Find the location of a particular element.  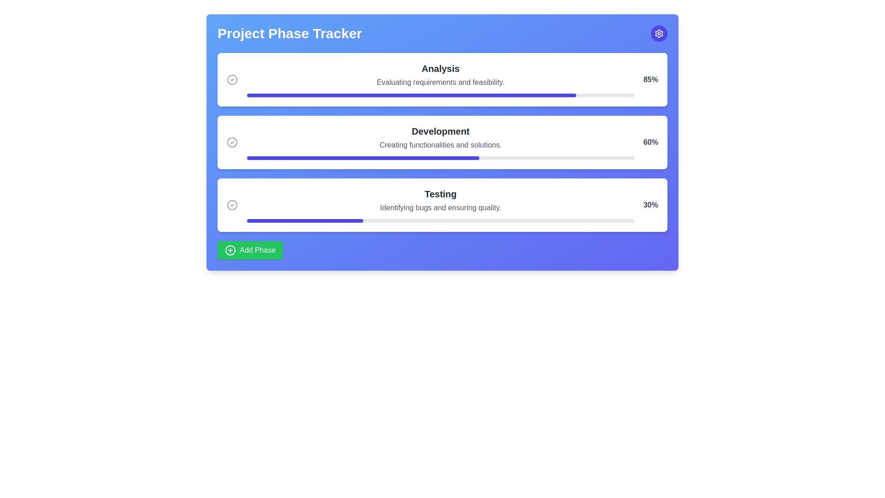

the progress indicator located beneath the text 'Identifying bugs and ensuring quality.' in the 'Testing' section, which is the third progress bar from the top of the layout is located at coordinates (440, 220).